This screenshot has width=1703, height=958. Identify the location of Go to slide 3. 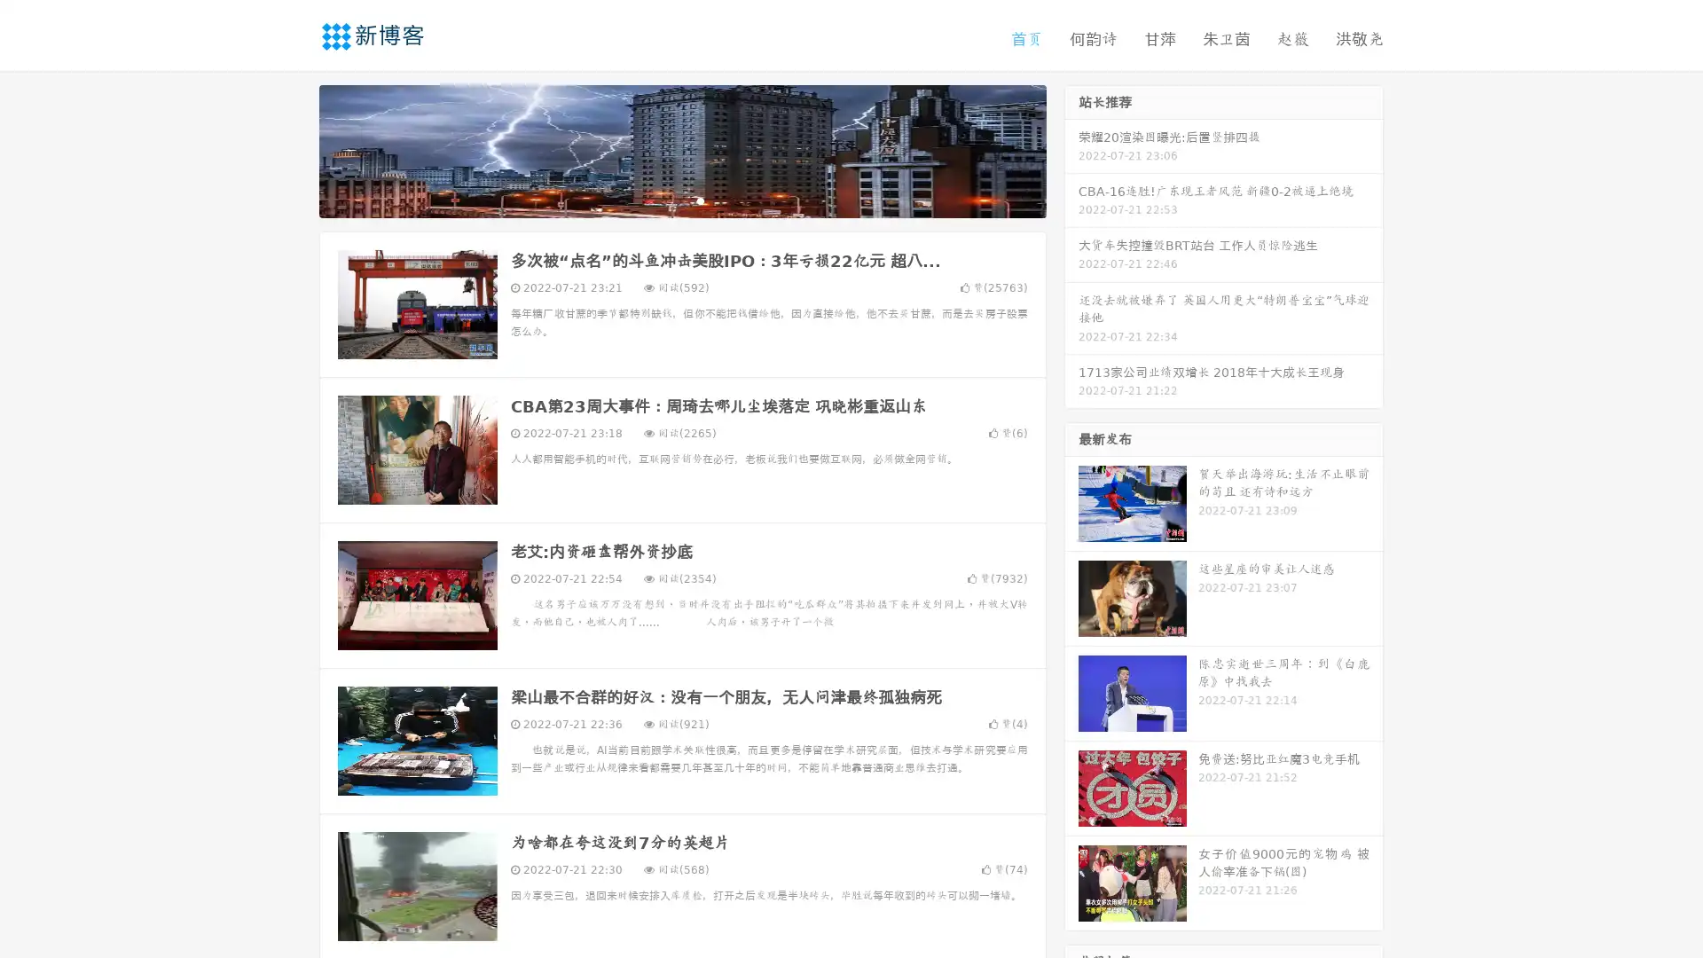
(700, 200).